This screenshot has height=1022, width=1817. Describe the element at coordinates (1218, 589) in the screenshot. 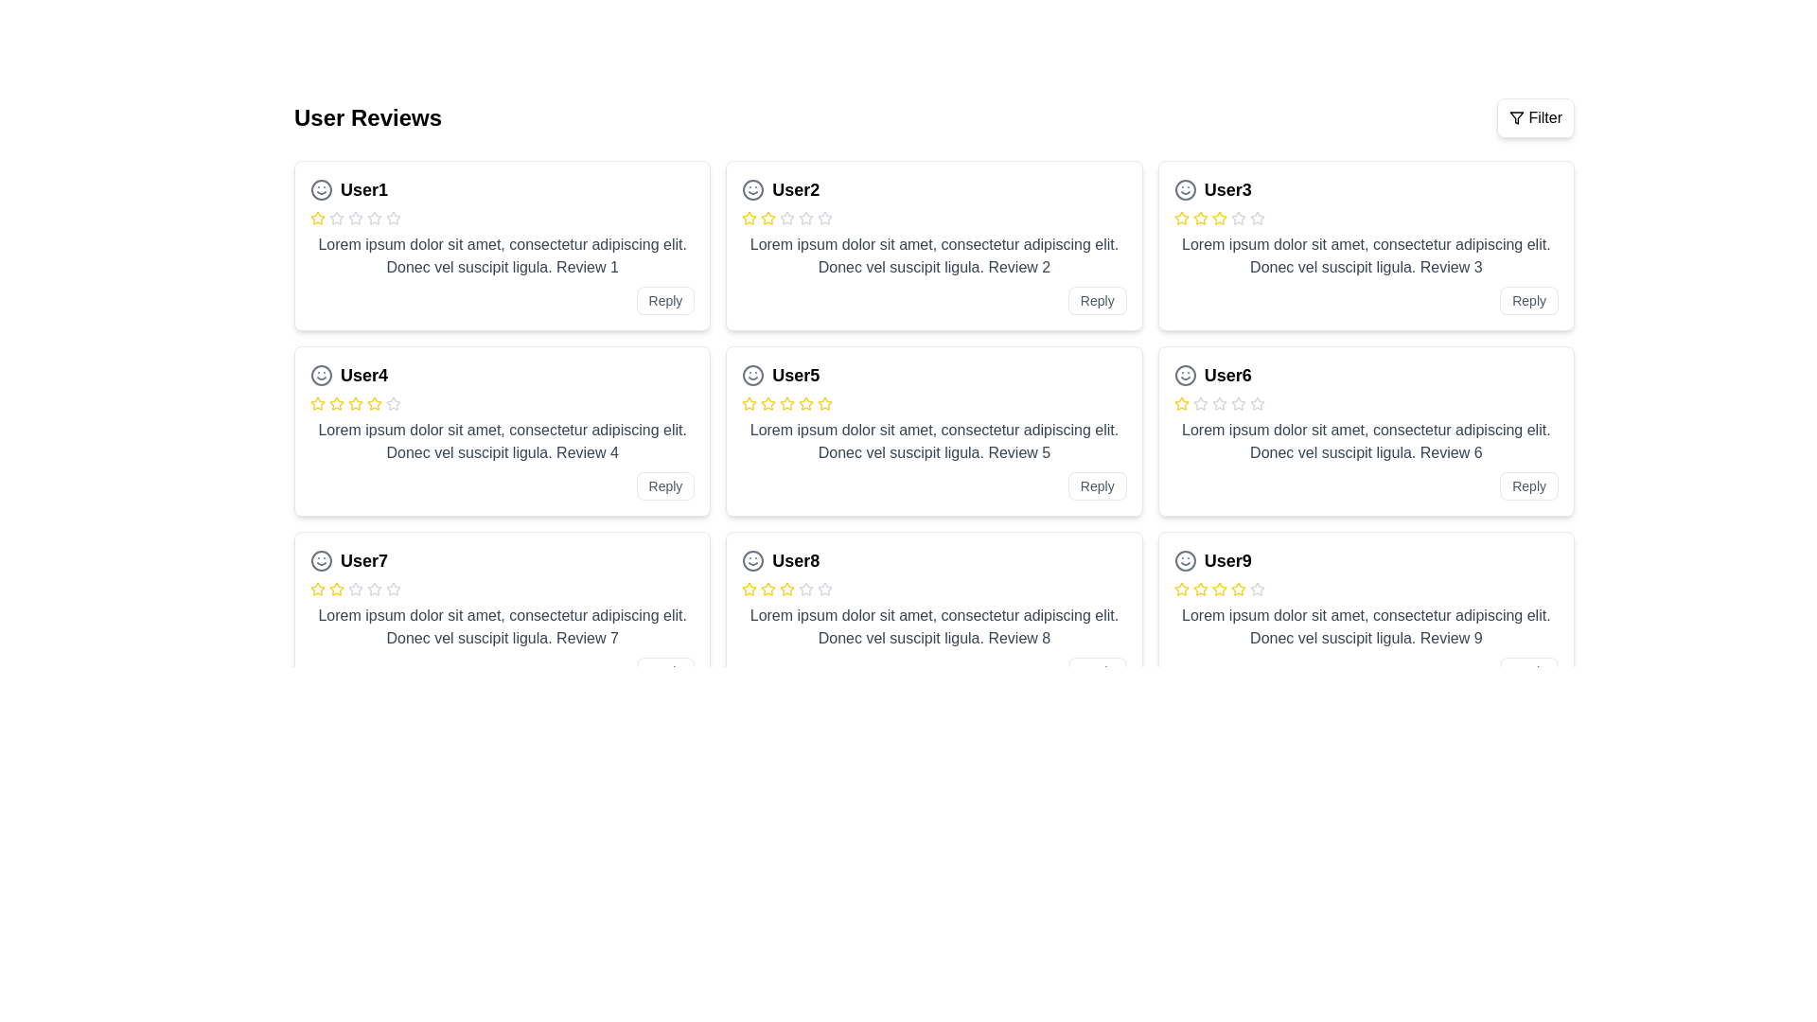

I see `the fifth star icon in the user rating system for User9 located in the bottom-right corner of the user reviews grid` at that location.